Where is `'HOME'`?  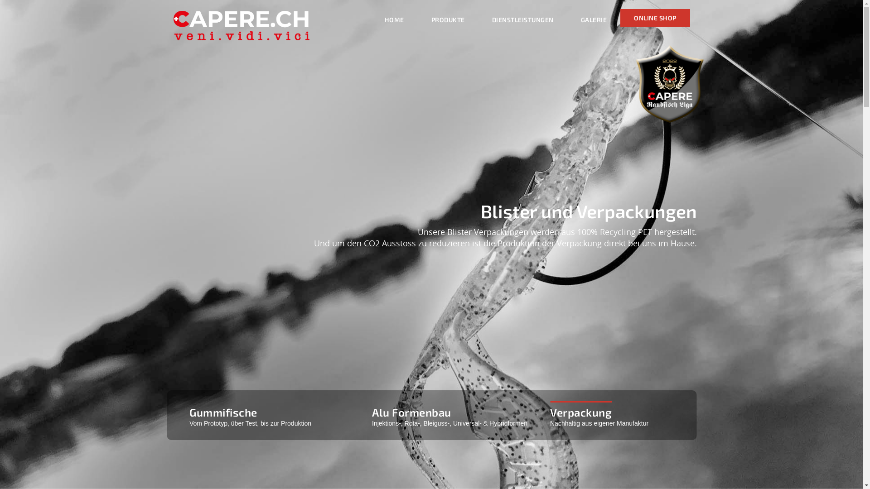 'HOME' is located at coordinates (394, 19).